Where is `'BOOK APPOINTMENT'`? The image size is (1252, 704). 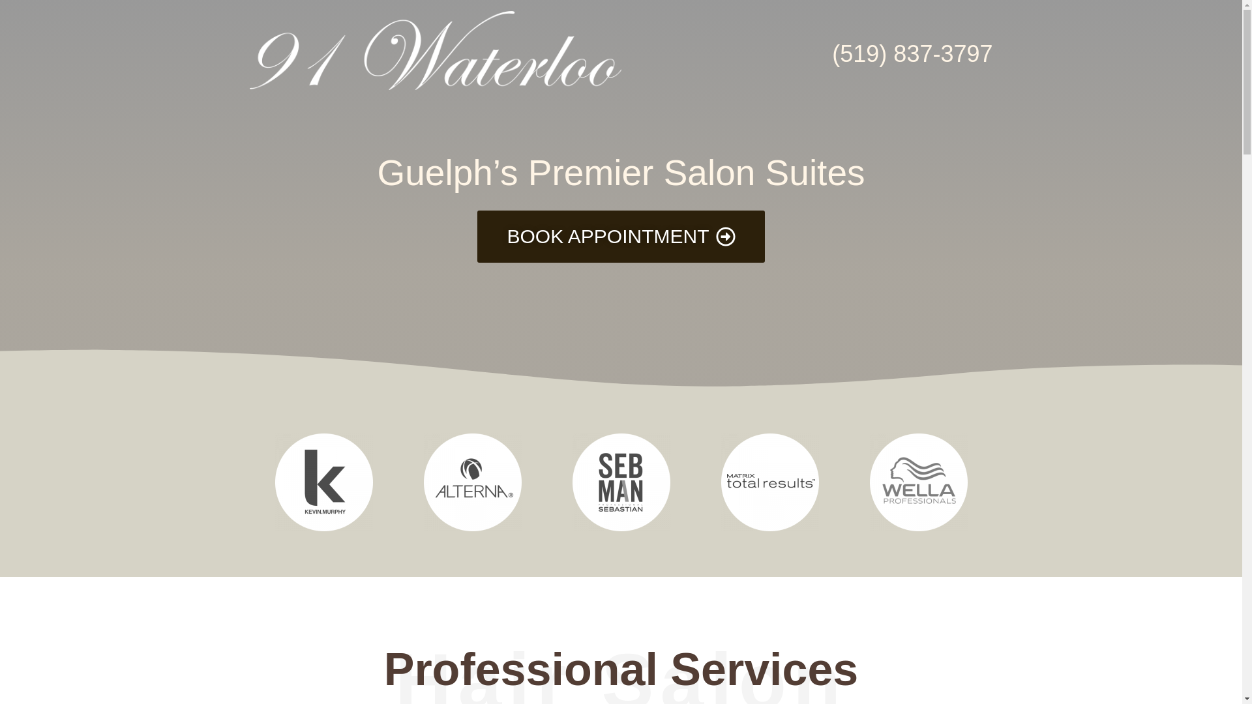 'BOOK APPOINTMENT' is located at coordinates (619, 236).